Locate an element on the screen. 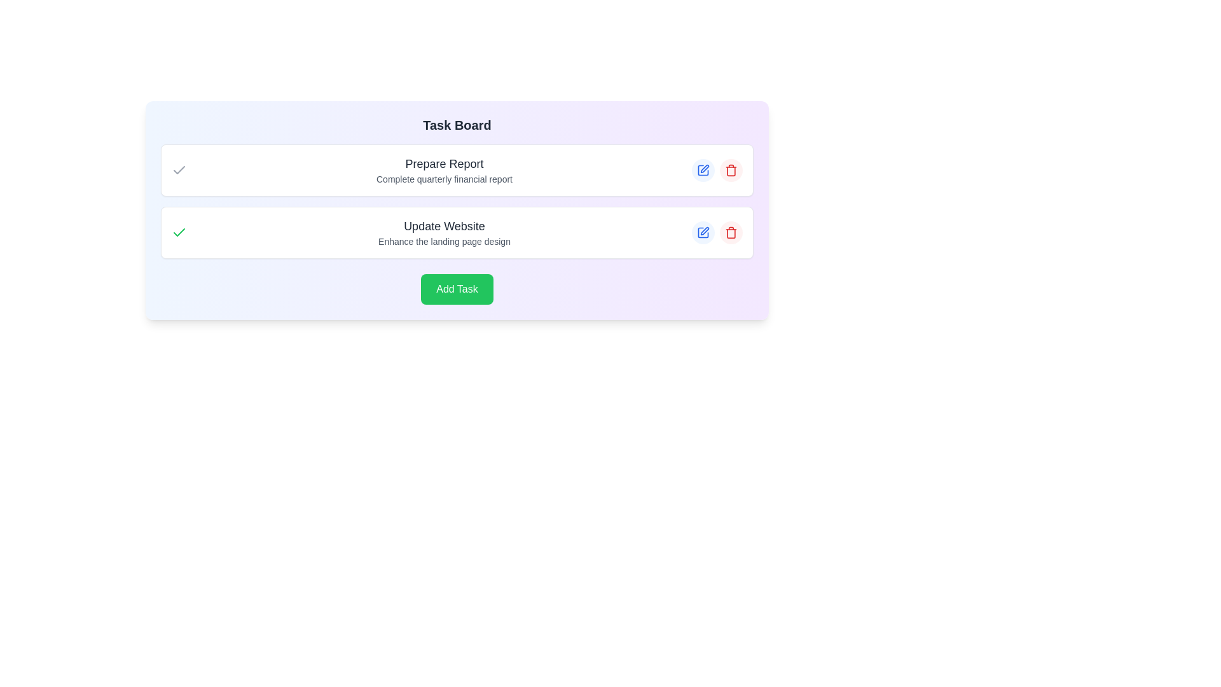 This screenshot has width=1221, height=687. the text label that reads 'Enhance the landing page design', which is styled in a small font size and light gray color, located under the main task title 'Update Website' is located at coordinates (445, 242).